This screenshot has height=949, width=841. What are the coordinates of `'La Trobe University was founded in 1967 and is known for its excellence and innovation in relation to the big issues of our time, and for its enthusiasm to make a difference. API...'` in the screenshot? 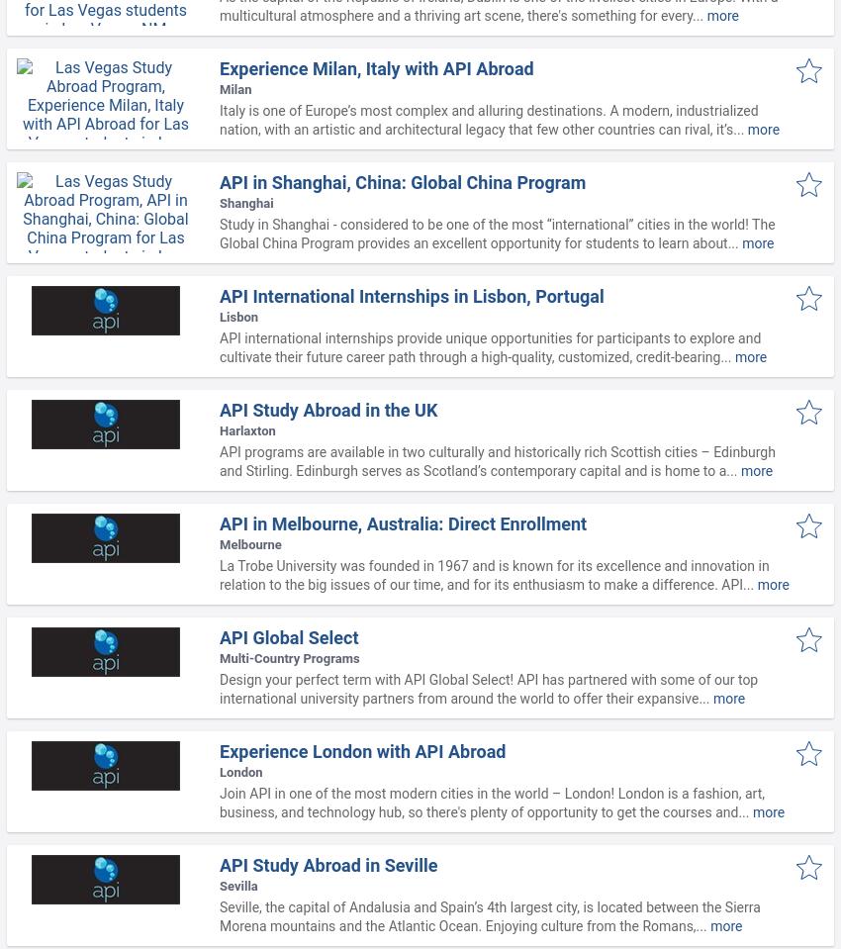 It's located at (494, 574).